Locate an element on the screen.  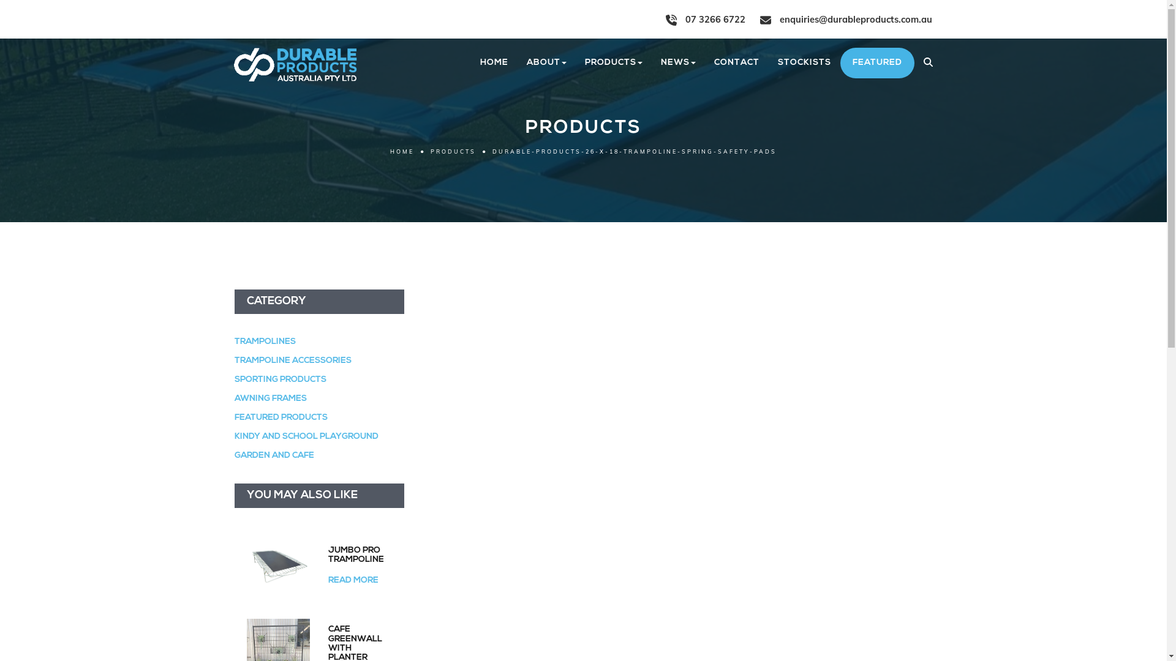
'SPORTING PRODUCTS' is located at coordinates (279, 379).